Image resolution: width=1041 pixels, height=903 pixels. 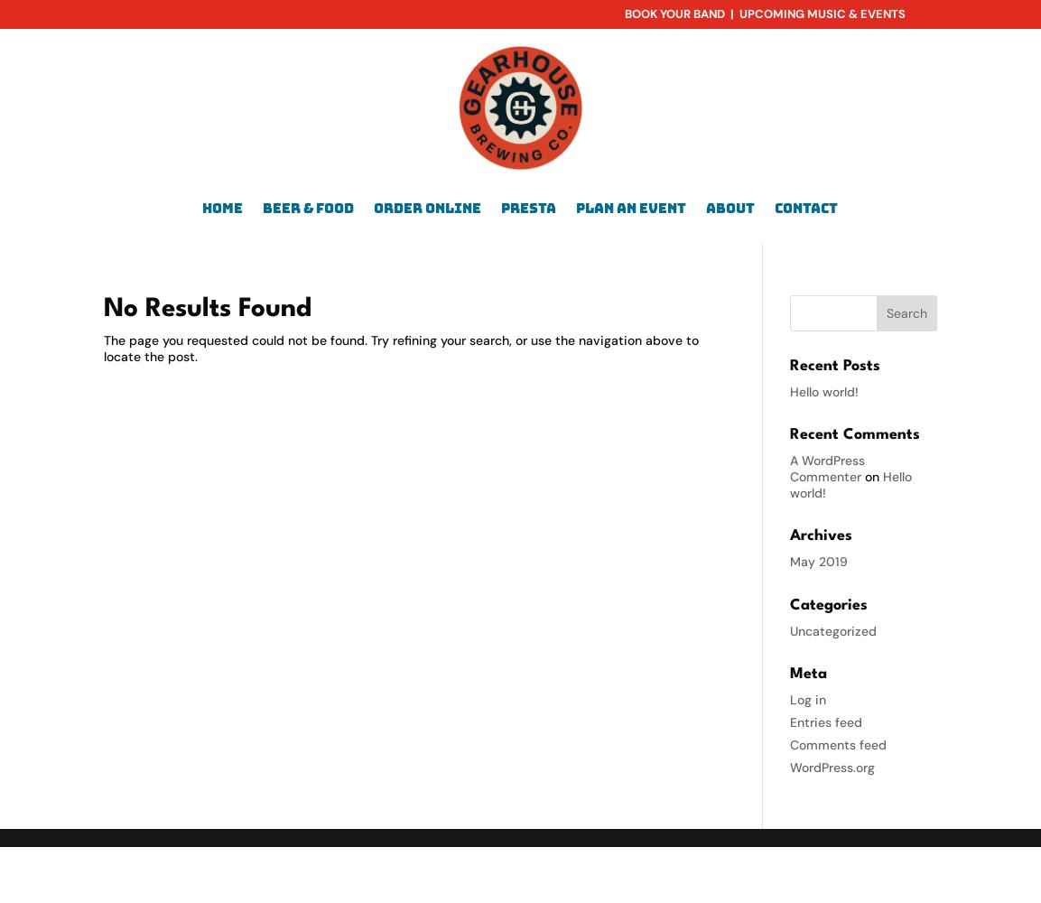 What do you see at coordinates (401, 348) in the screenshot?
I see `'The page you requested could not be found. Try refining your search, or use the navigation above to locate the post.'` at bounding box center [401, 348].